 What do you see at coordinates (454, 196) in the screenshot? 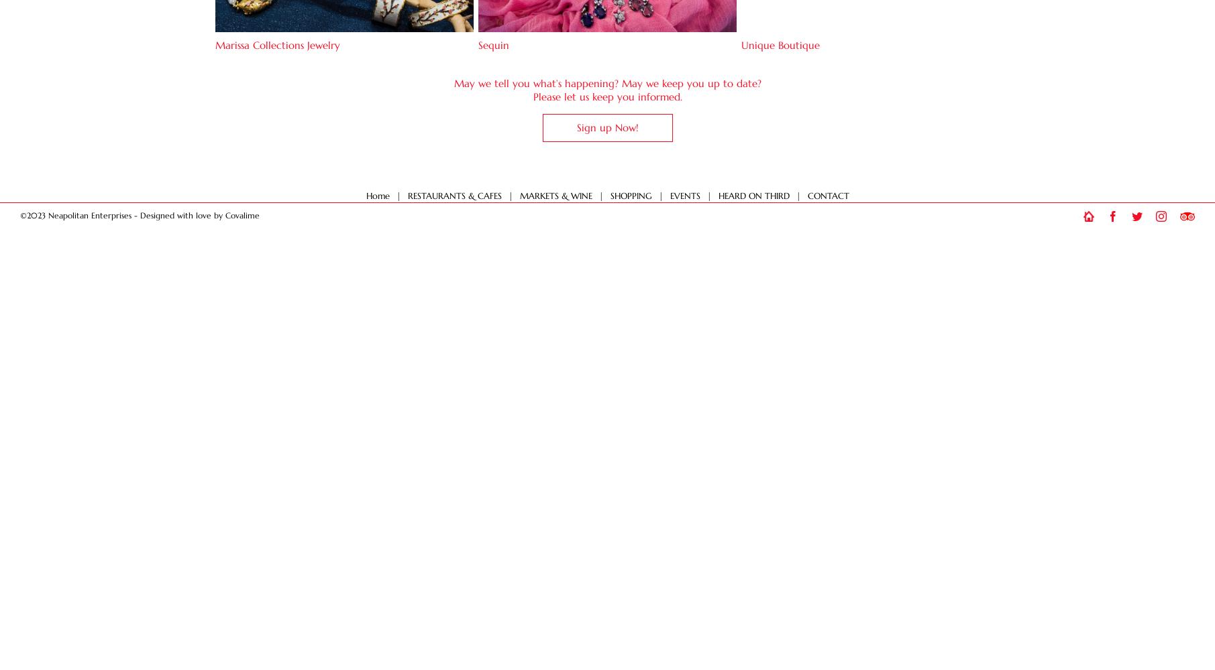
I see `'RESTAURANTS & CAFES'` at bounding box center [454, 196].